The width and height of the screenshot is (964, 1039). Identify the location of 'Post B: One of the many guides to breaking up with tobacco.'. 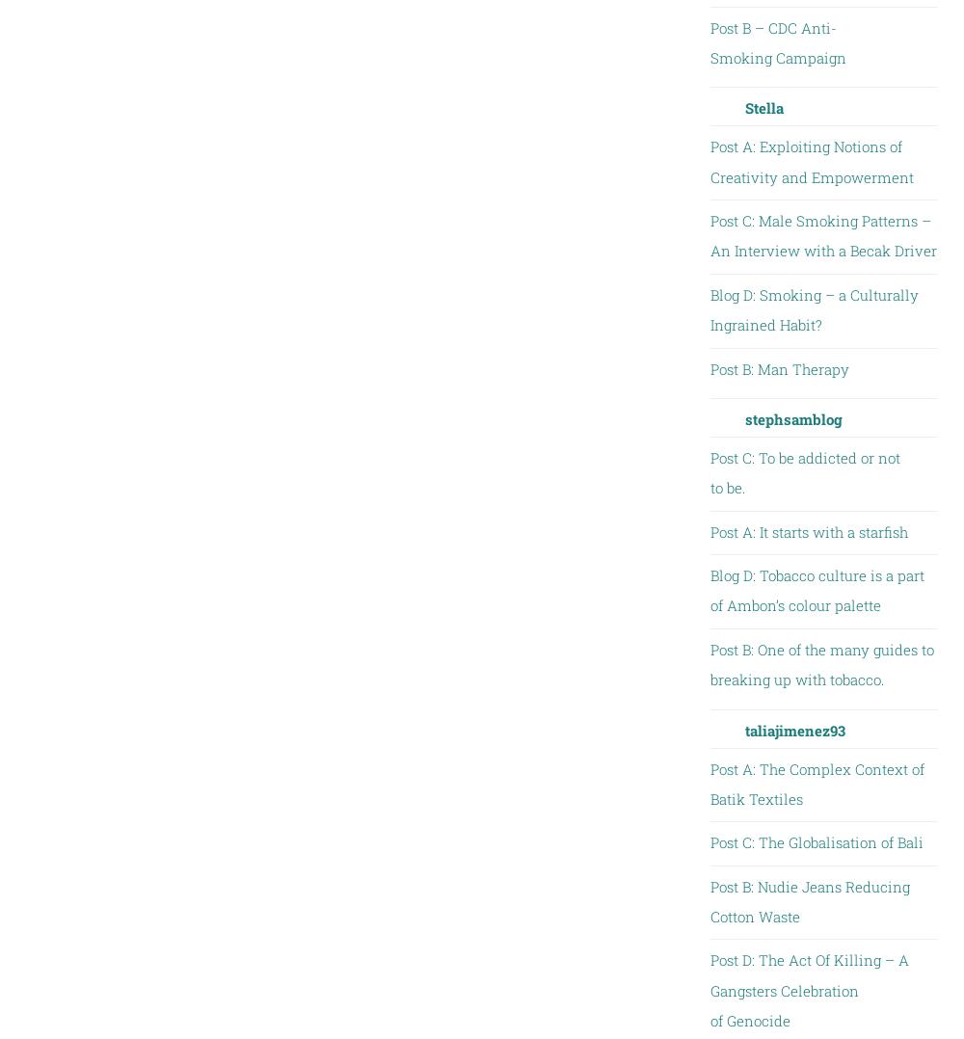
(820, 663).